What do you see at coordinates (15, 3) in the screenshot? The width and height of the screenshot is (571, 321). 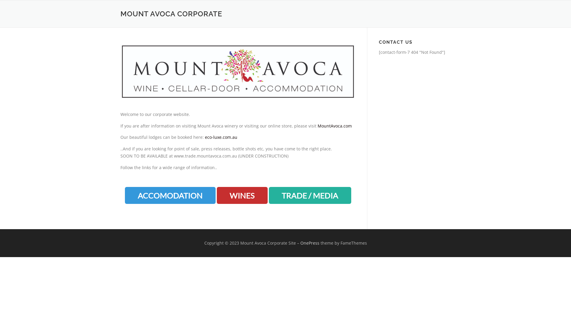 I see `'Skip to content'` at bounding box center [15, 3].